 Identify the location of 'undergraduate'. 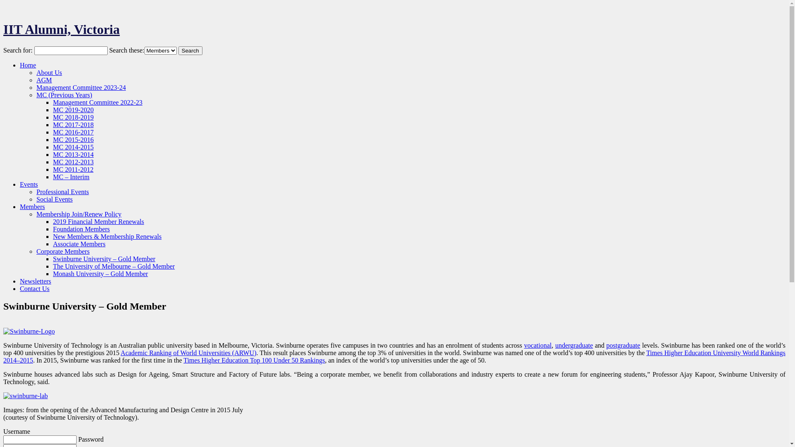
(573, 345).